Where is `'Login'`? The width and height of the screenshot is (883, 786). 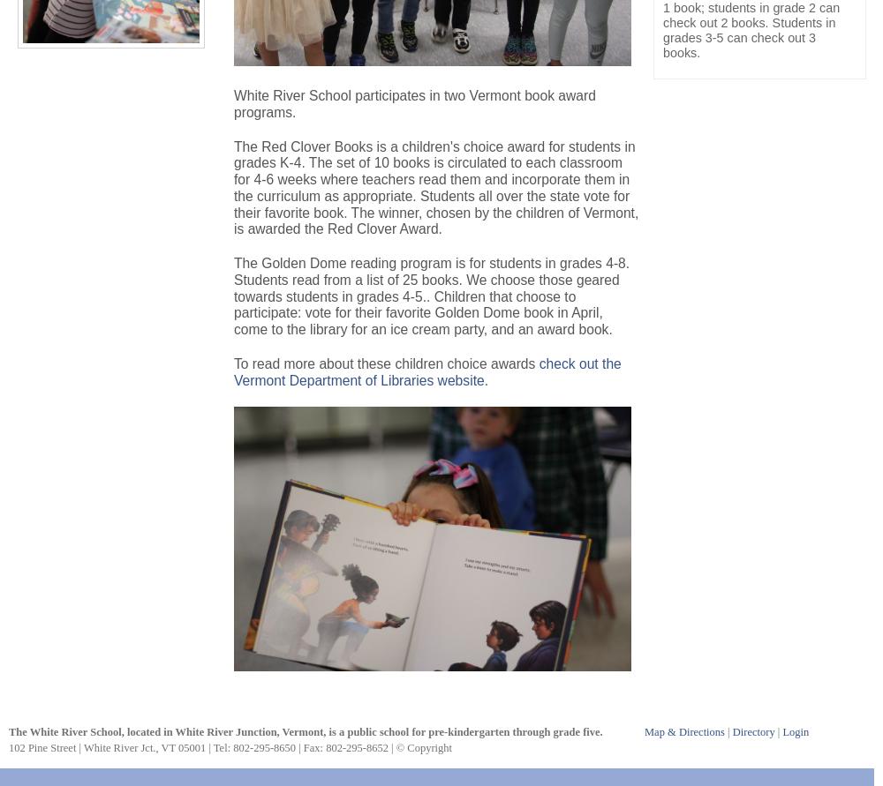 'Login' is located at coordinates (796, 730).